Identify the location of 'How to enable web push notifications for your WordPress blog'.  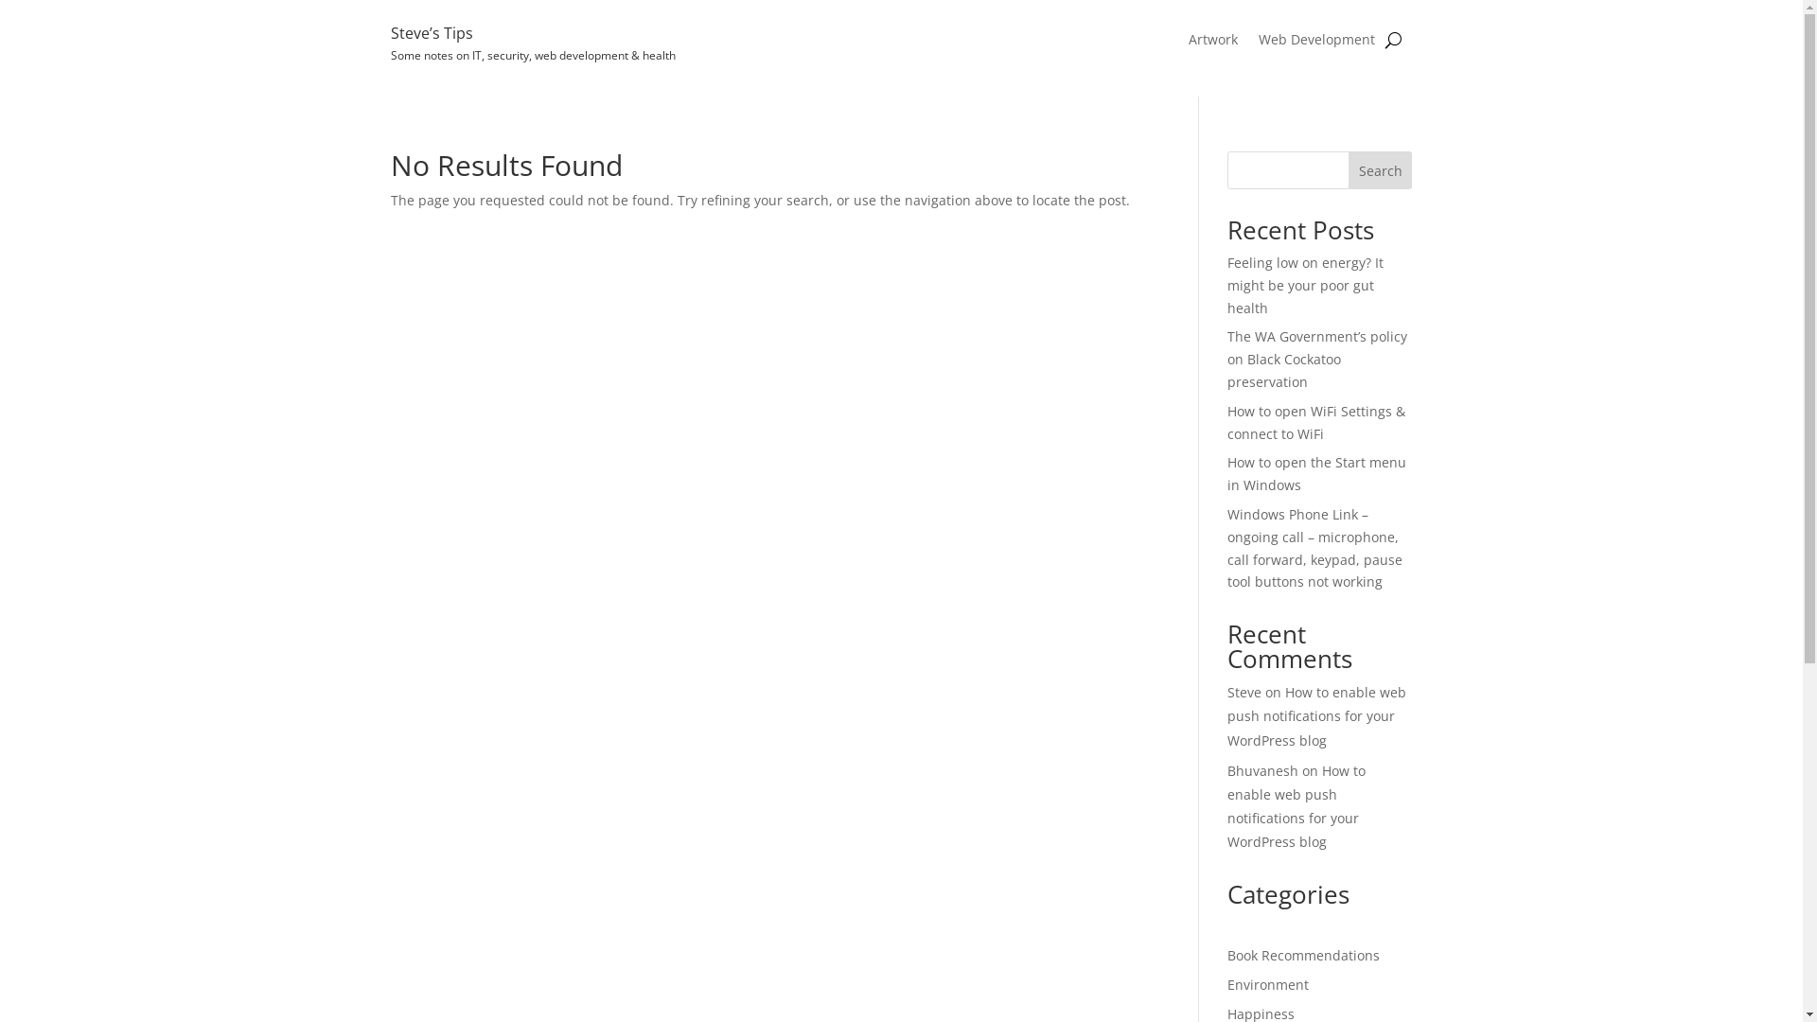
(1315, 715).